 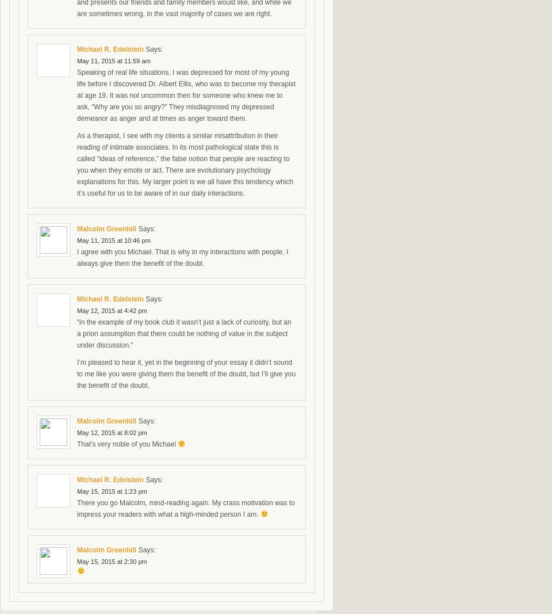 I want to click on 'There you go Malcolm, mind-reading again. My crass motivation was to impress your readers with what a high-minded person I am.', so click(x=186, y=508).